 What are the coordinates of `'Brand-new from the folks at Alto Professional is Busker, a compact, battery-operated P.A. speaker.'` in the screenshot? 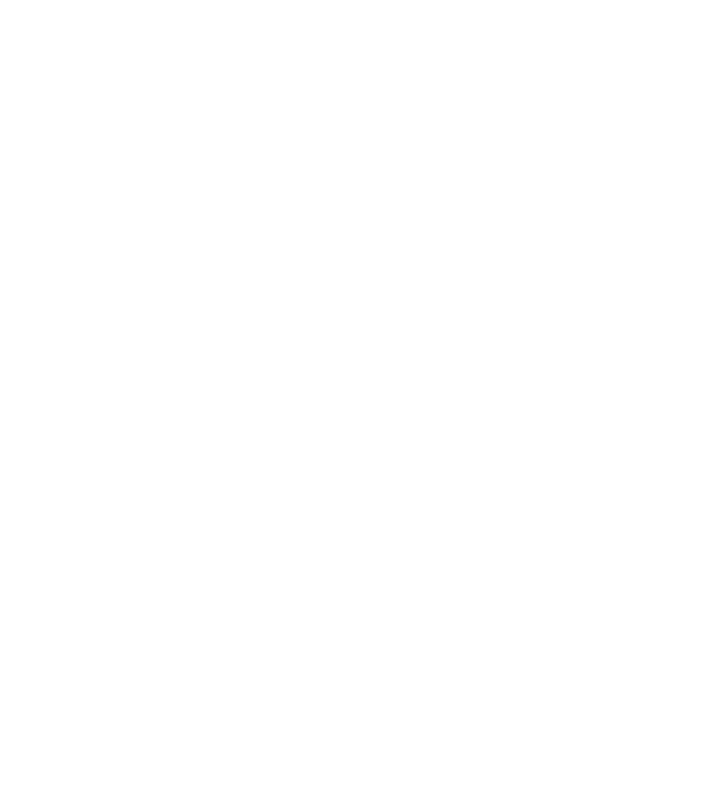 It's located at (297, 296).